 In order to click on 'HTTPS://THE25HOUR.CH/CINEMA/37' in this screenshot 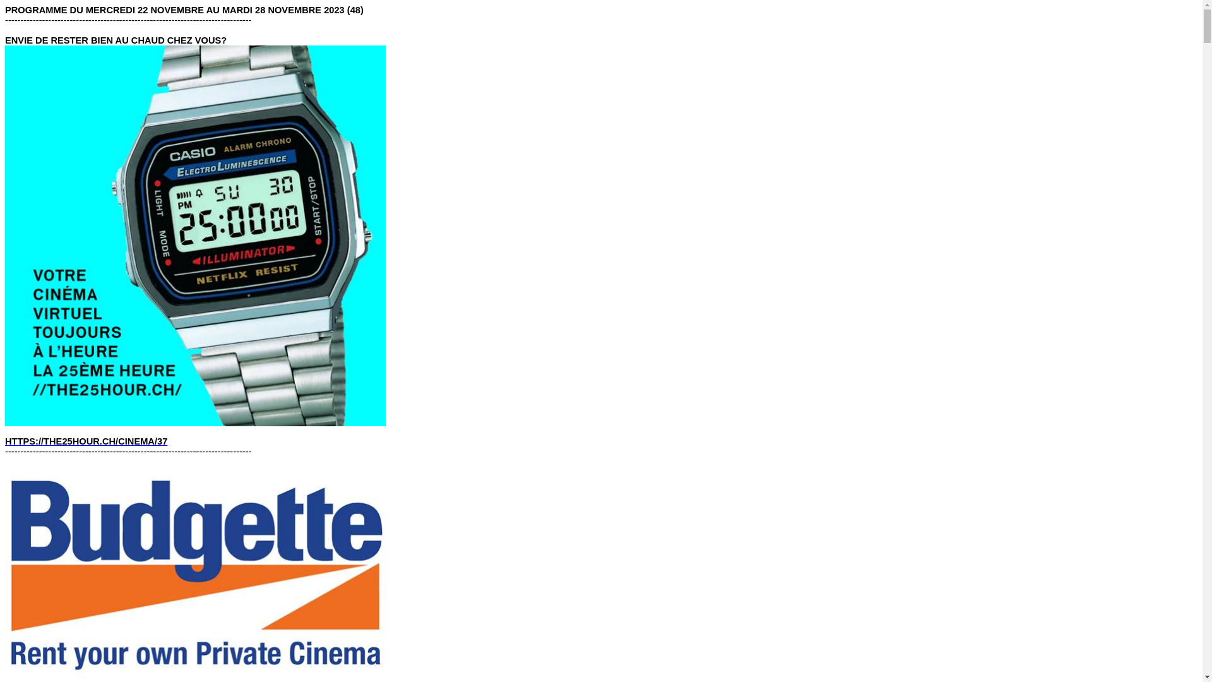, I will do `click(85, 440)`.